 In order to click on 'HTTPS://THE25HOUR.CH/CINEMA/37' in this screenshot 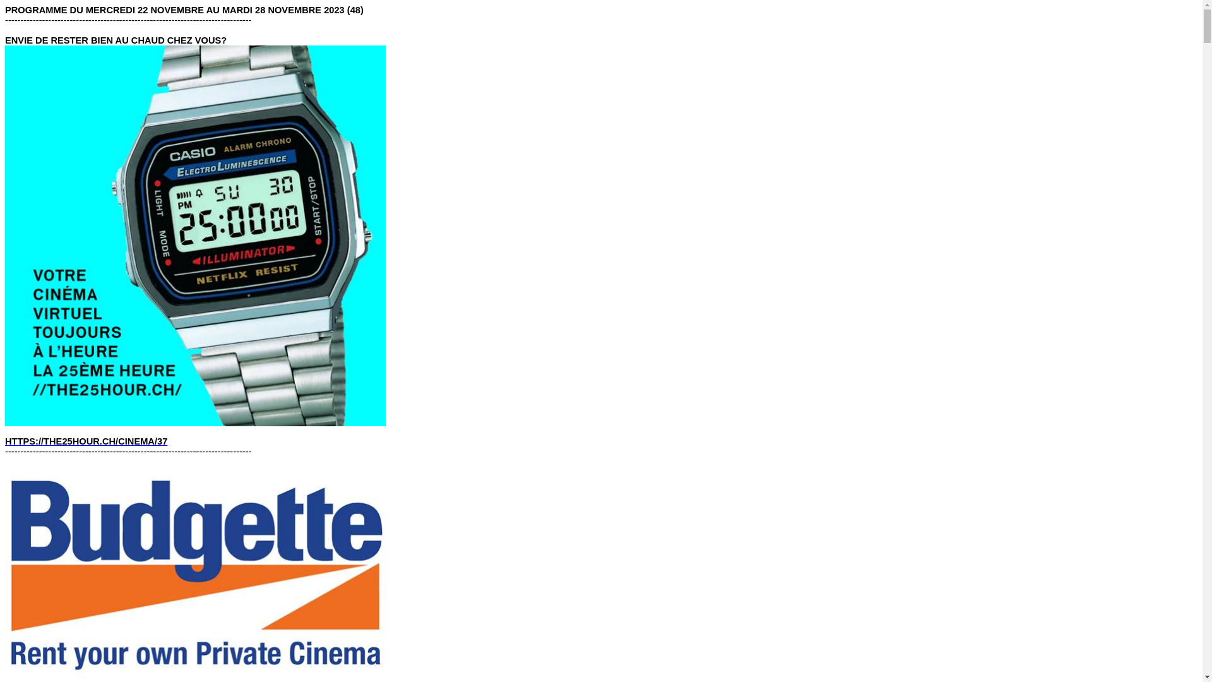, I will do `click(85, 440)`.